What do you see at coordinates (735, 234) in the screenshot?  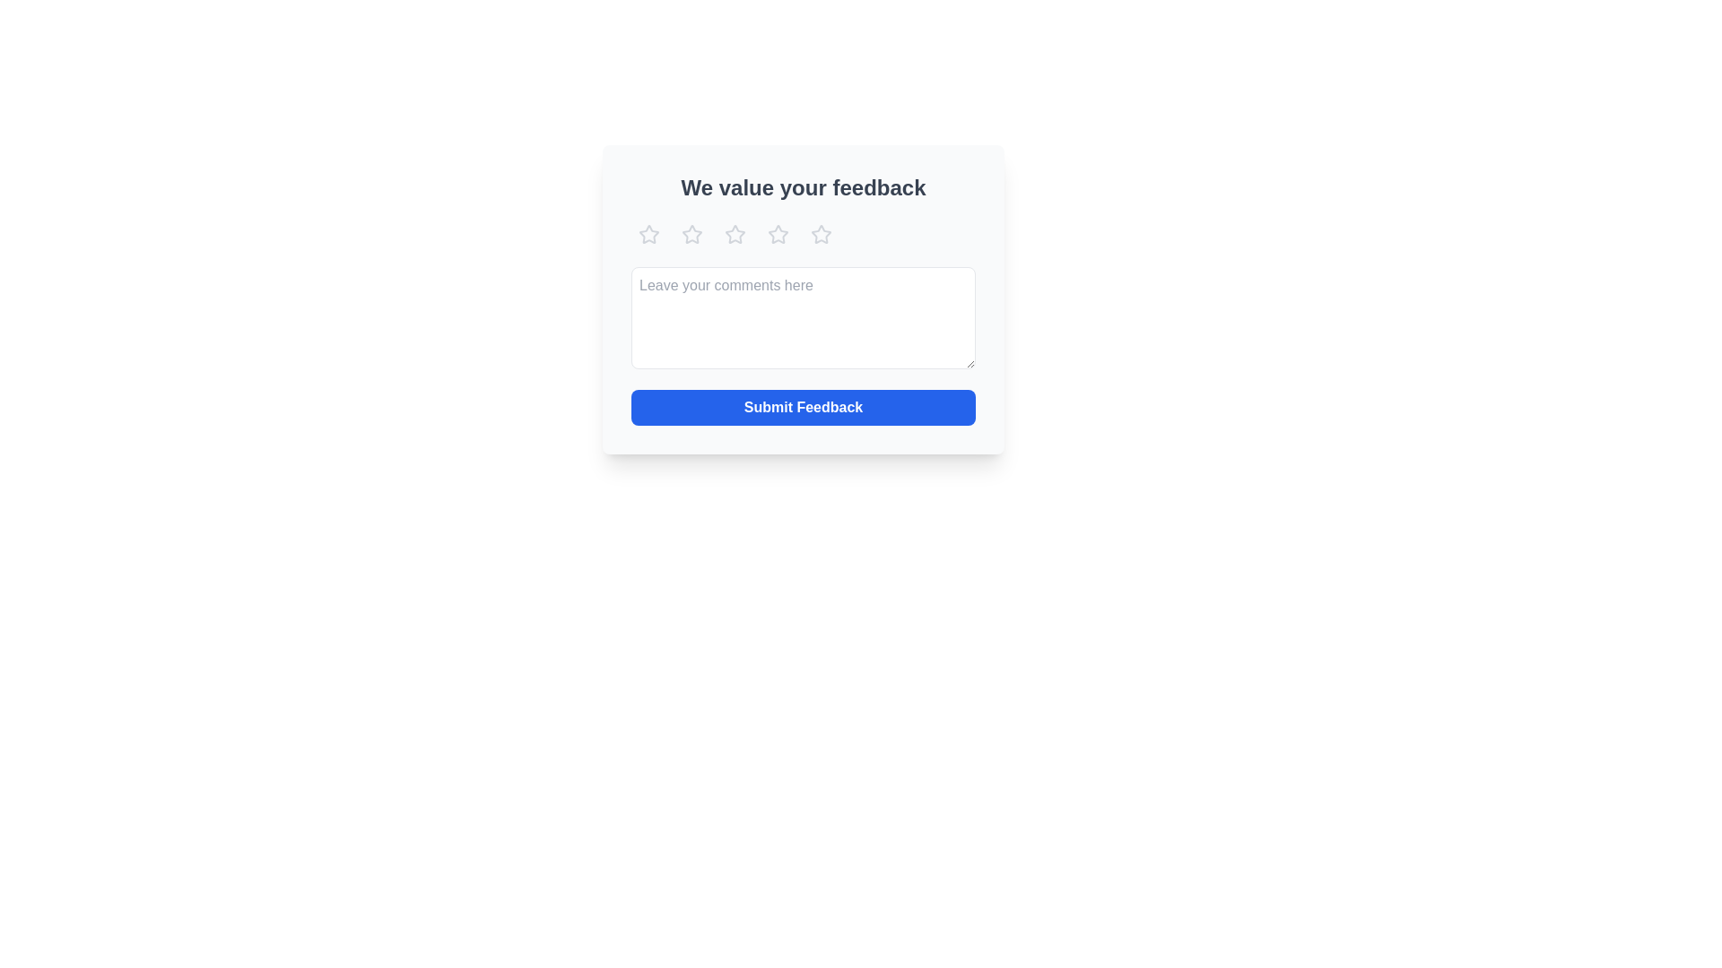 I see `the third star icon in the horizontal rating system` at bounding box center [735, 234].